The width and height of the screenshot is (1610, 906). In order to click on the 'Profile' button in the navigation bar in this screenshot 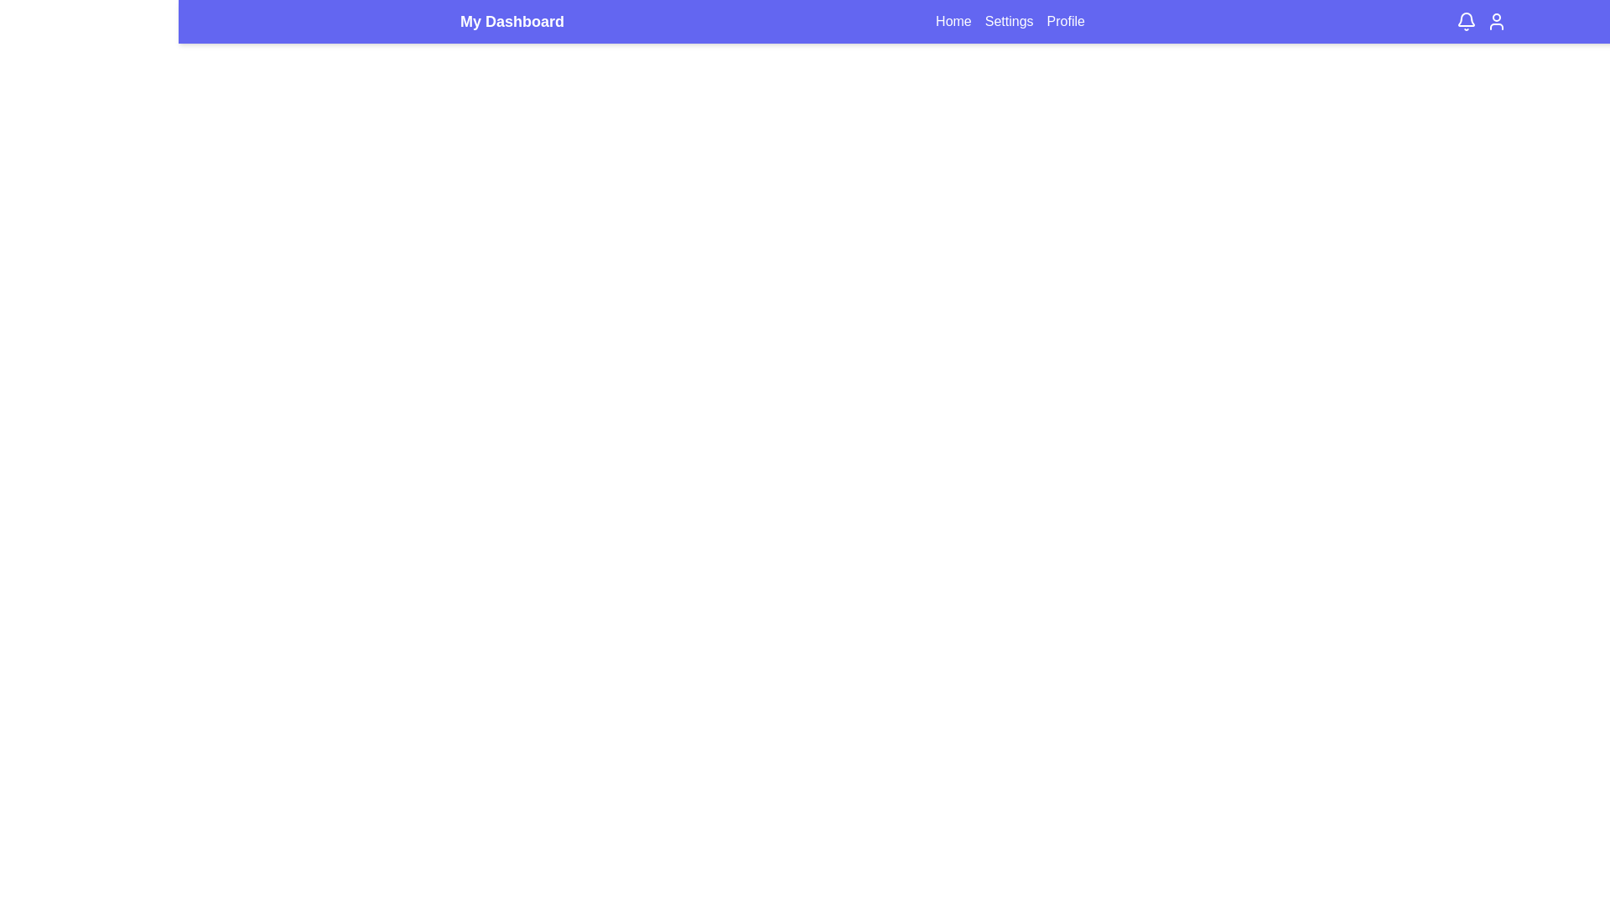, I will do `click(1065, 22)`.